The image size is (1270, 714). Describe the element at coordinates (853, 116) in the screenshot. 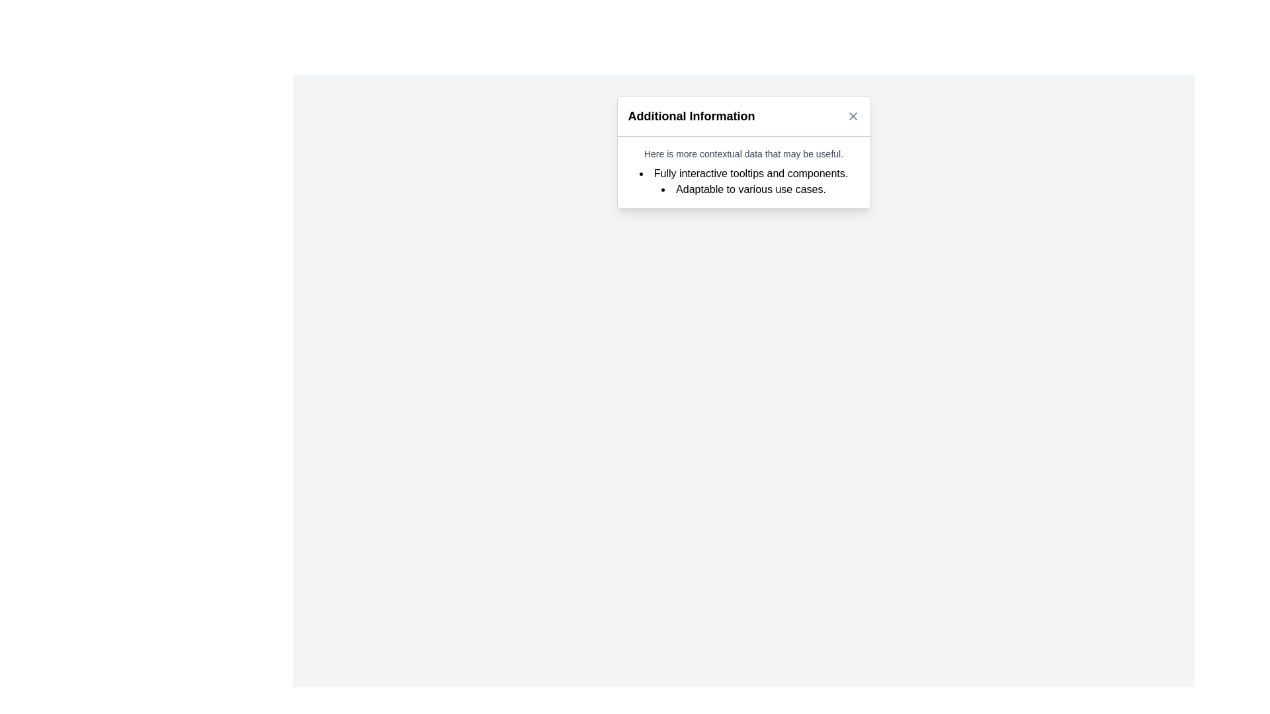

I see `the close button icon located in the top-right corner of the 'Additional Information' box` at that location.